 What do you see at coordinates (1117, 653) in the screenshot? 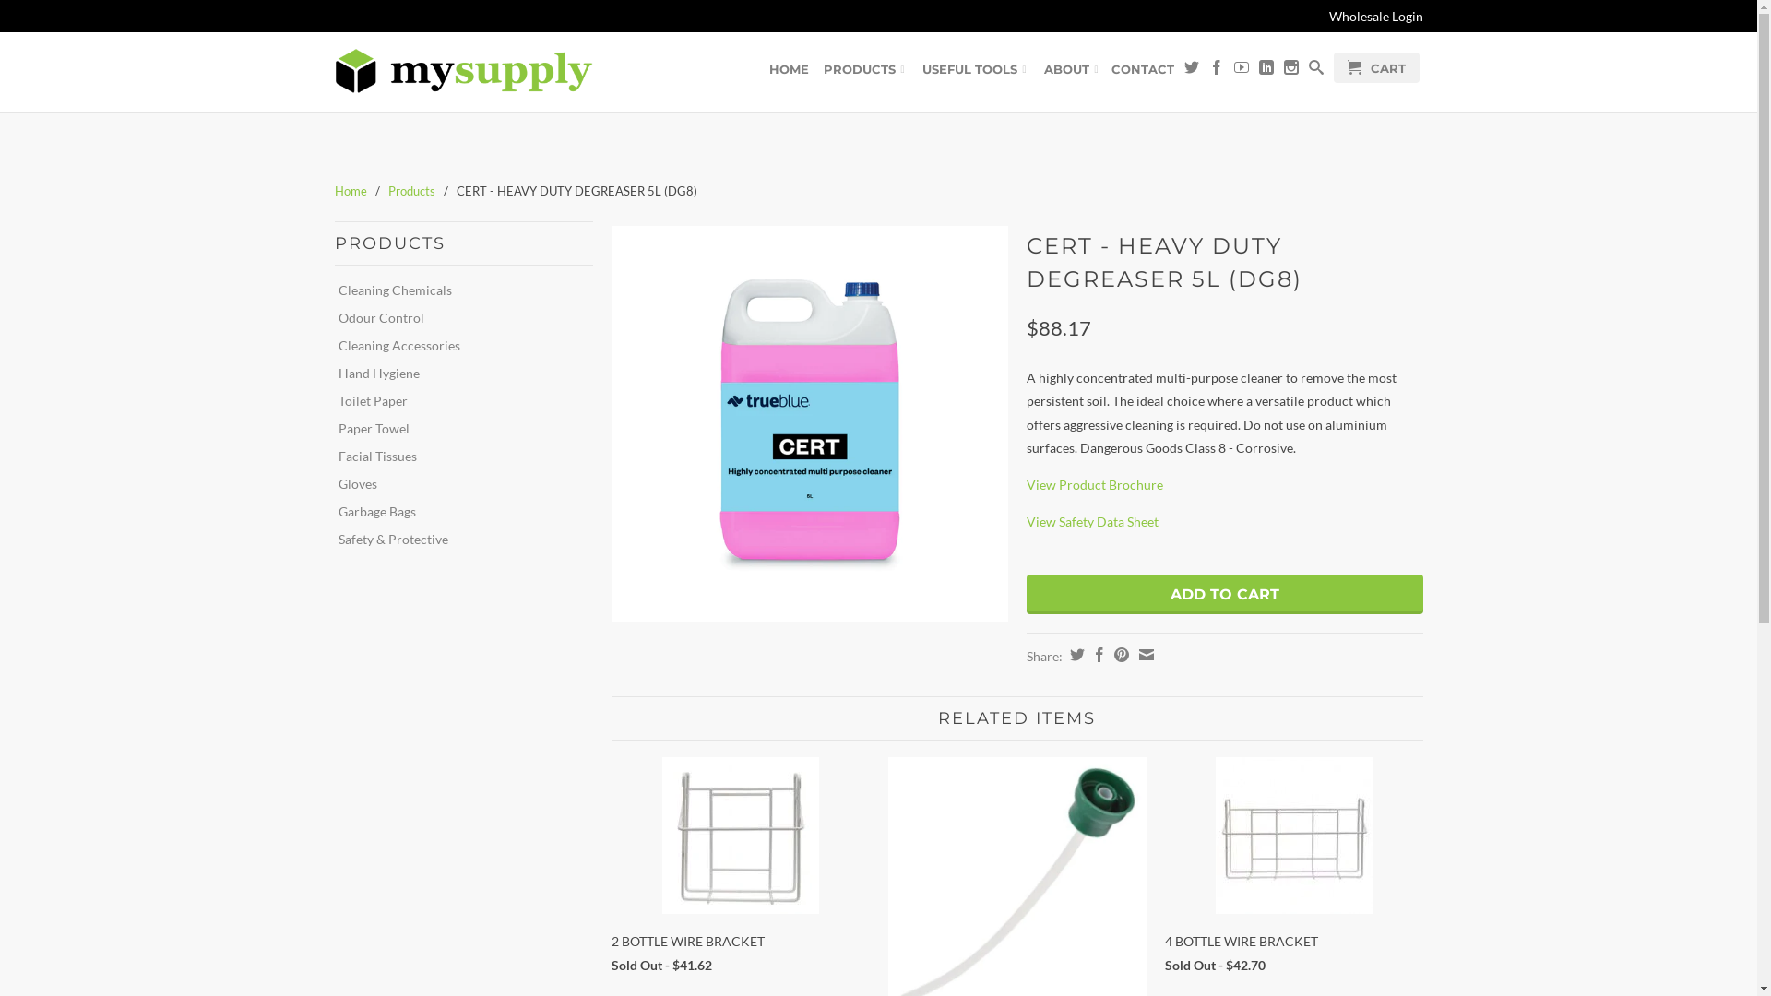
I see `'Share this on Pinterest'` at bounding box center [1117, 653].